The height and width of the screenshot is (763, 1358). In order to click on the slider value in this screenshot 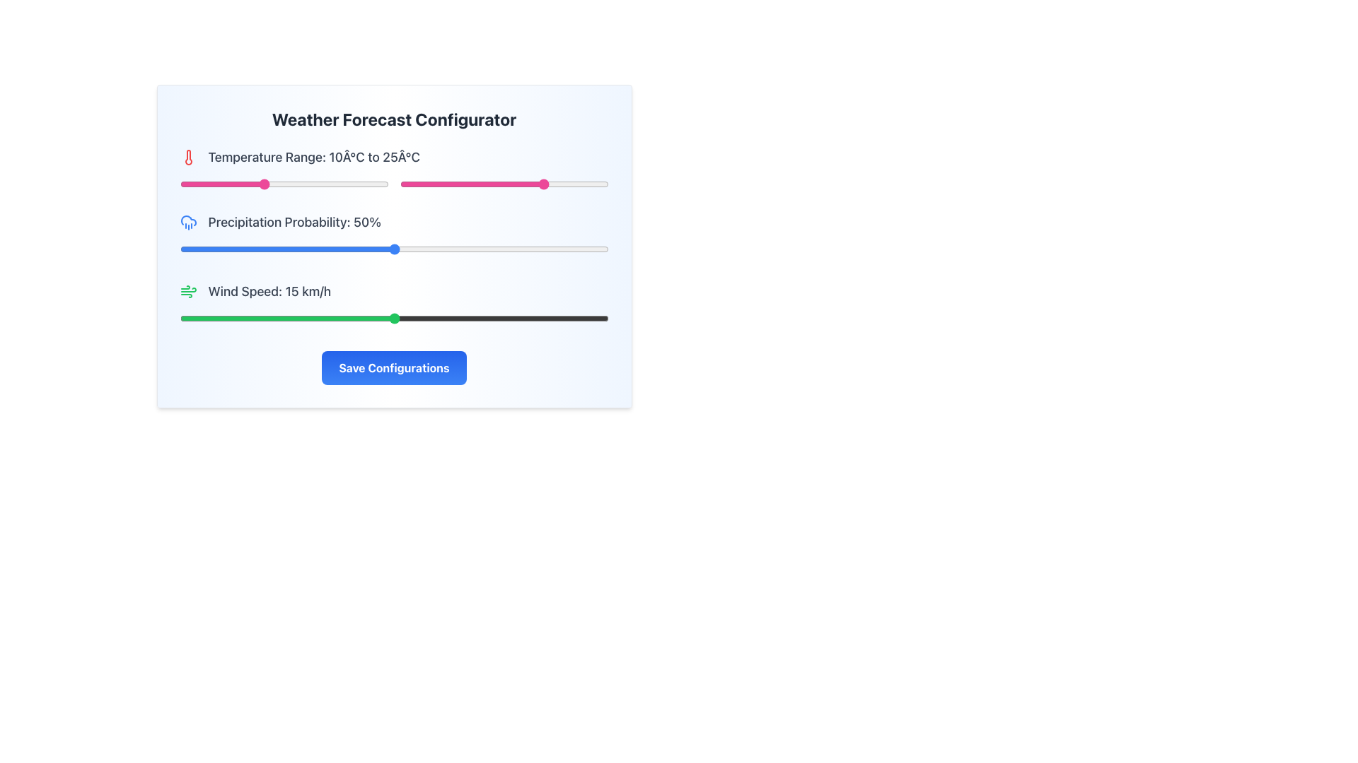, I will do `click(380, 184)`.